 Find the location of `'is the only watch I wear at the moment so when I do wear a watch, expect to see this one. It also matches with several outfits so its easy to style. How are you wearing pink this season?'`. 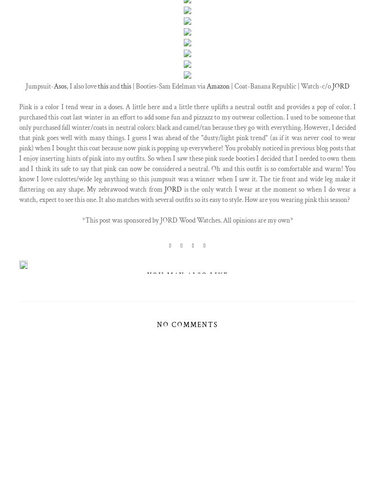

'is the only watch I wear at the moment so when I do wear a watch, expect to see this one. It also matches with several outfits so its easy to style. How are you wearing pink this season?' is located at coordinates (187, 194).